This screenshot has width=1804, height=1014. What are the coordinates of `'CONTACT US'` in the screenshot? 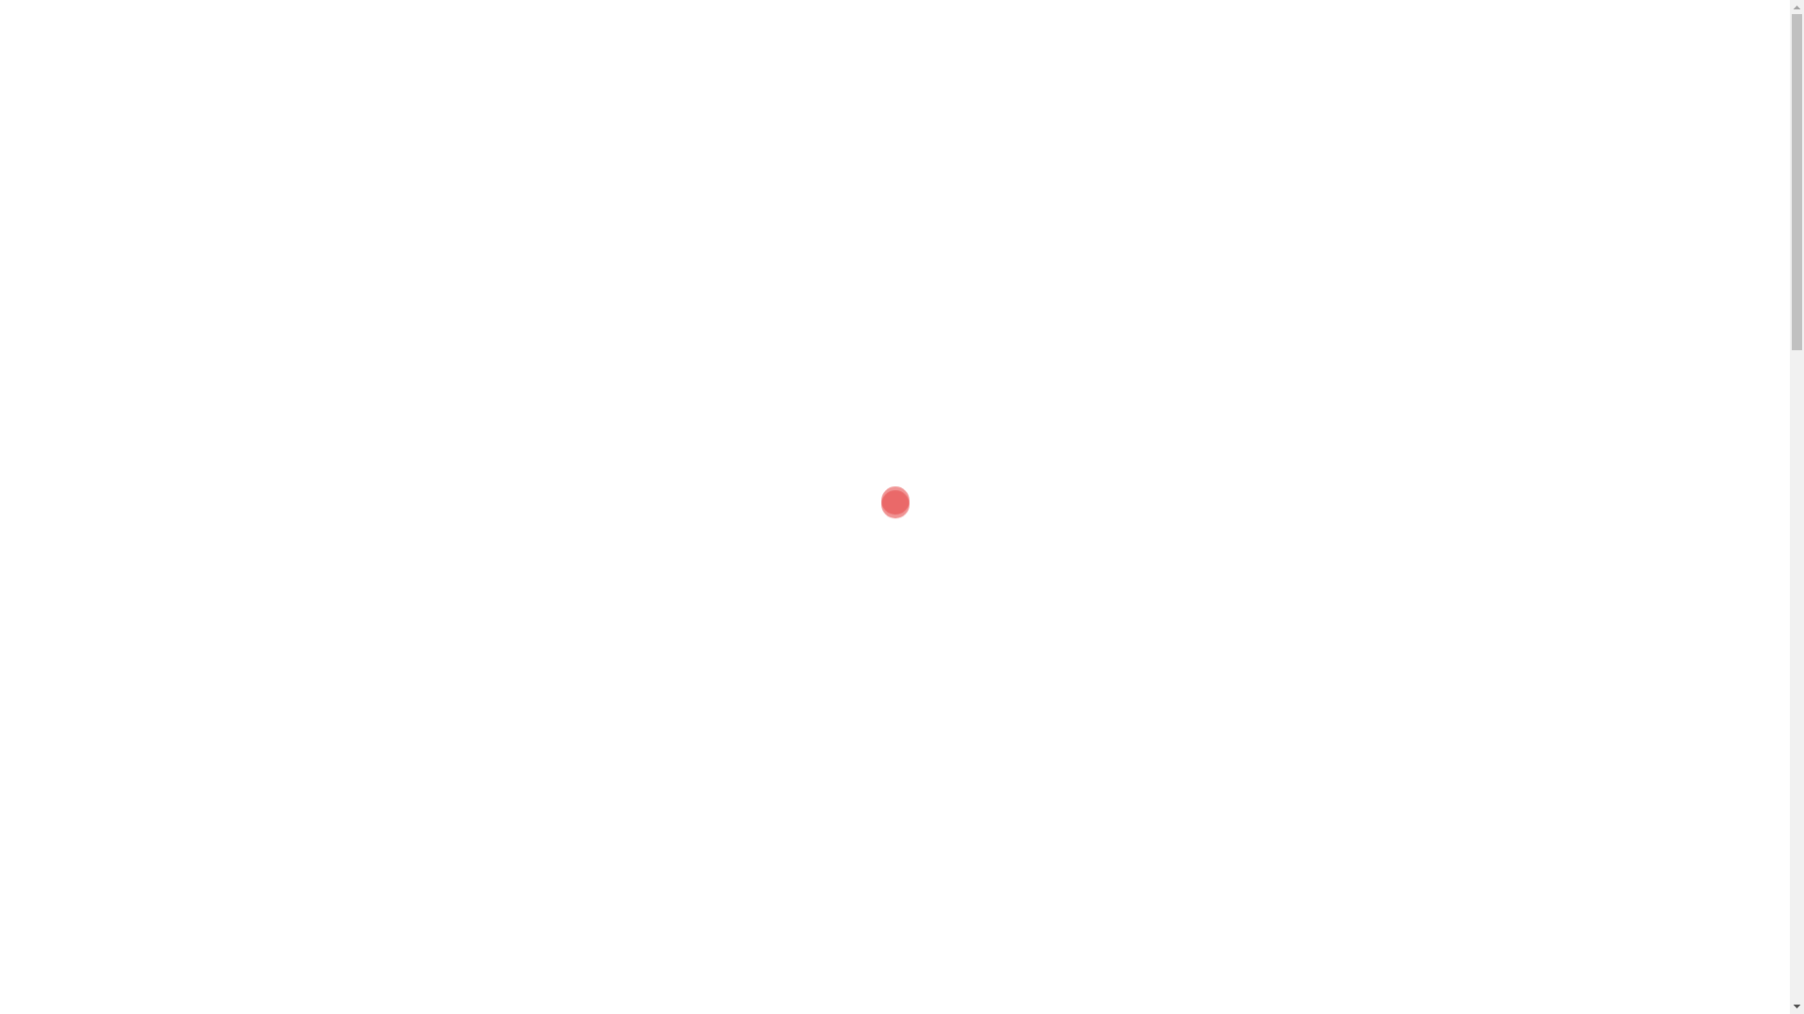 It's located at (1311, 87).